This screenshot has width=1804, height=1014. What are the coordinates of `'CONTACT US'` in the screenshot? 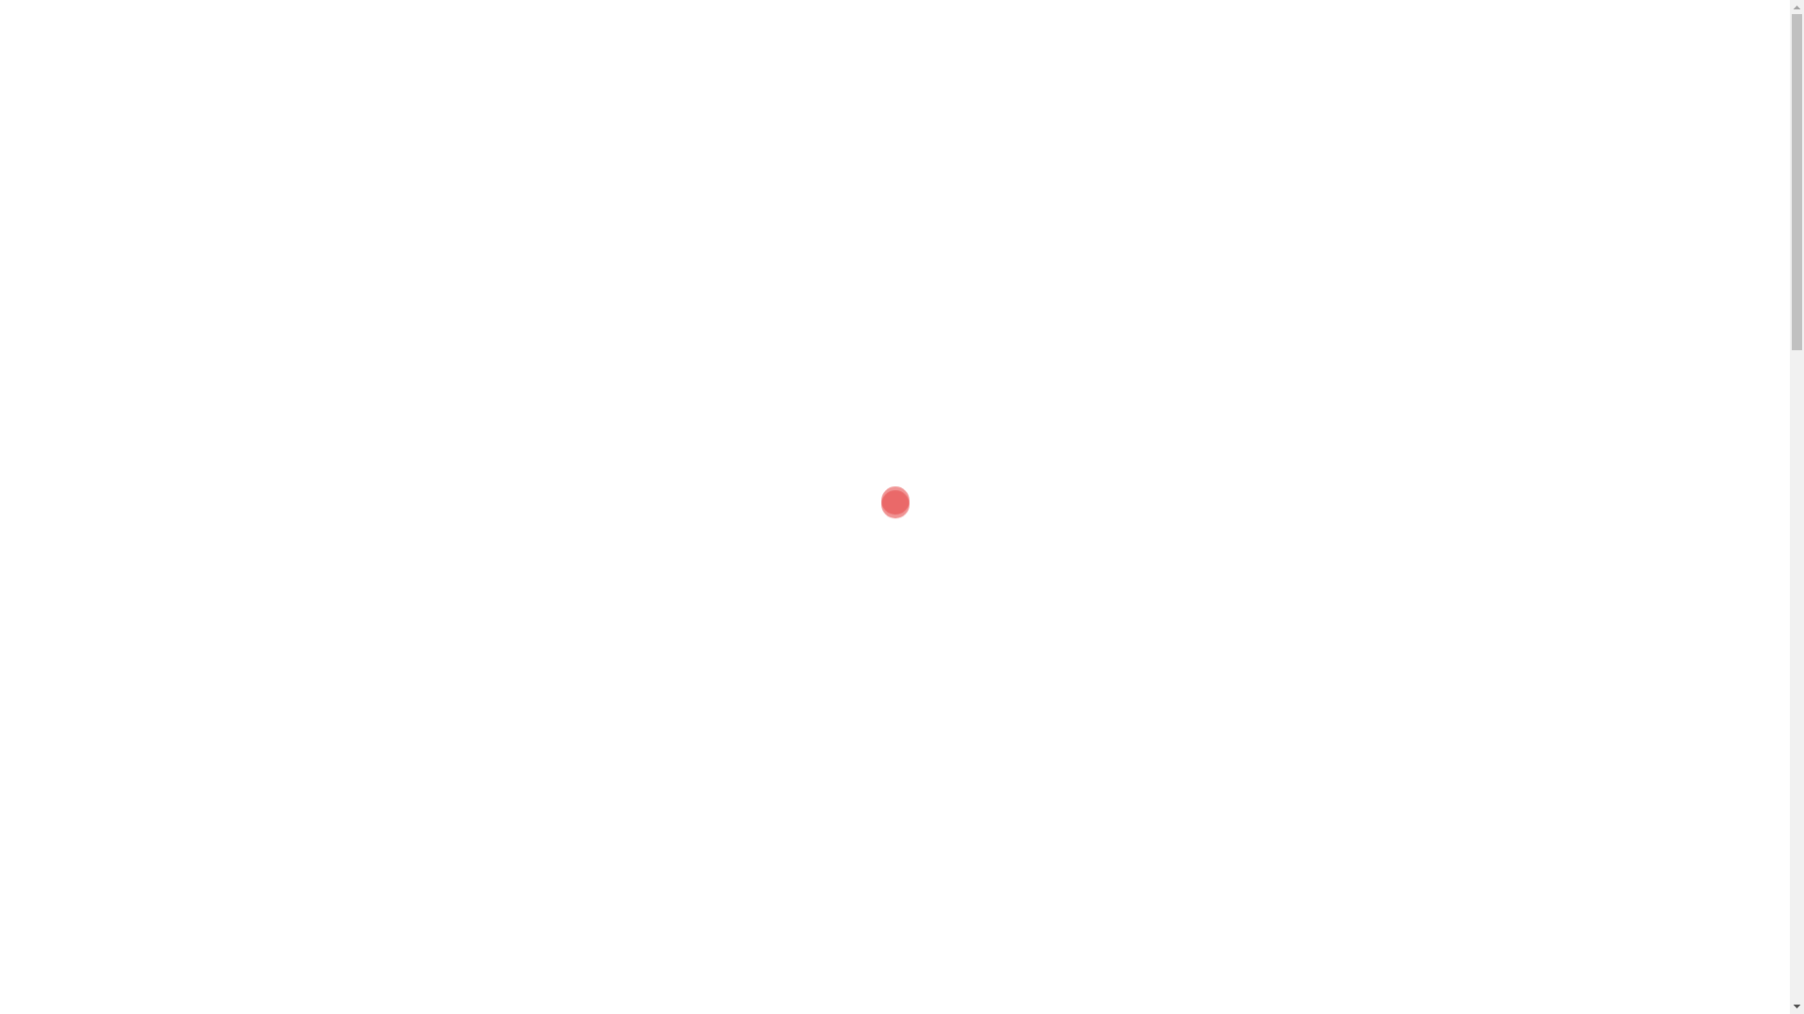 It's located at (1311, 87).